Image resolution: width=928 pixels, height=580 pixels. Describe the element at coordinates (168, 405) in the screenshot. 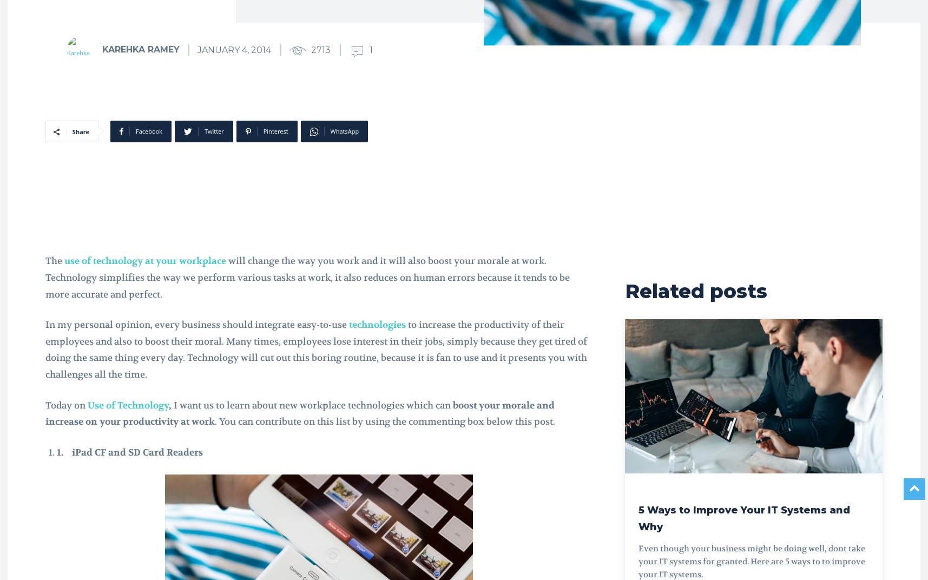

I see `','` at that location.